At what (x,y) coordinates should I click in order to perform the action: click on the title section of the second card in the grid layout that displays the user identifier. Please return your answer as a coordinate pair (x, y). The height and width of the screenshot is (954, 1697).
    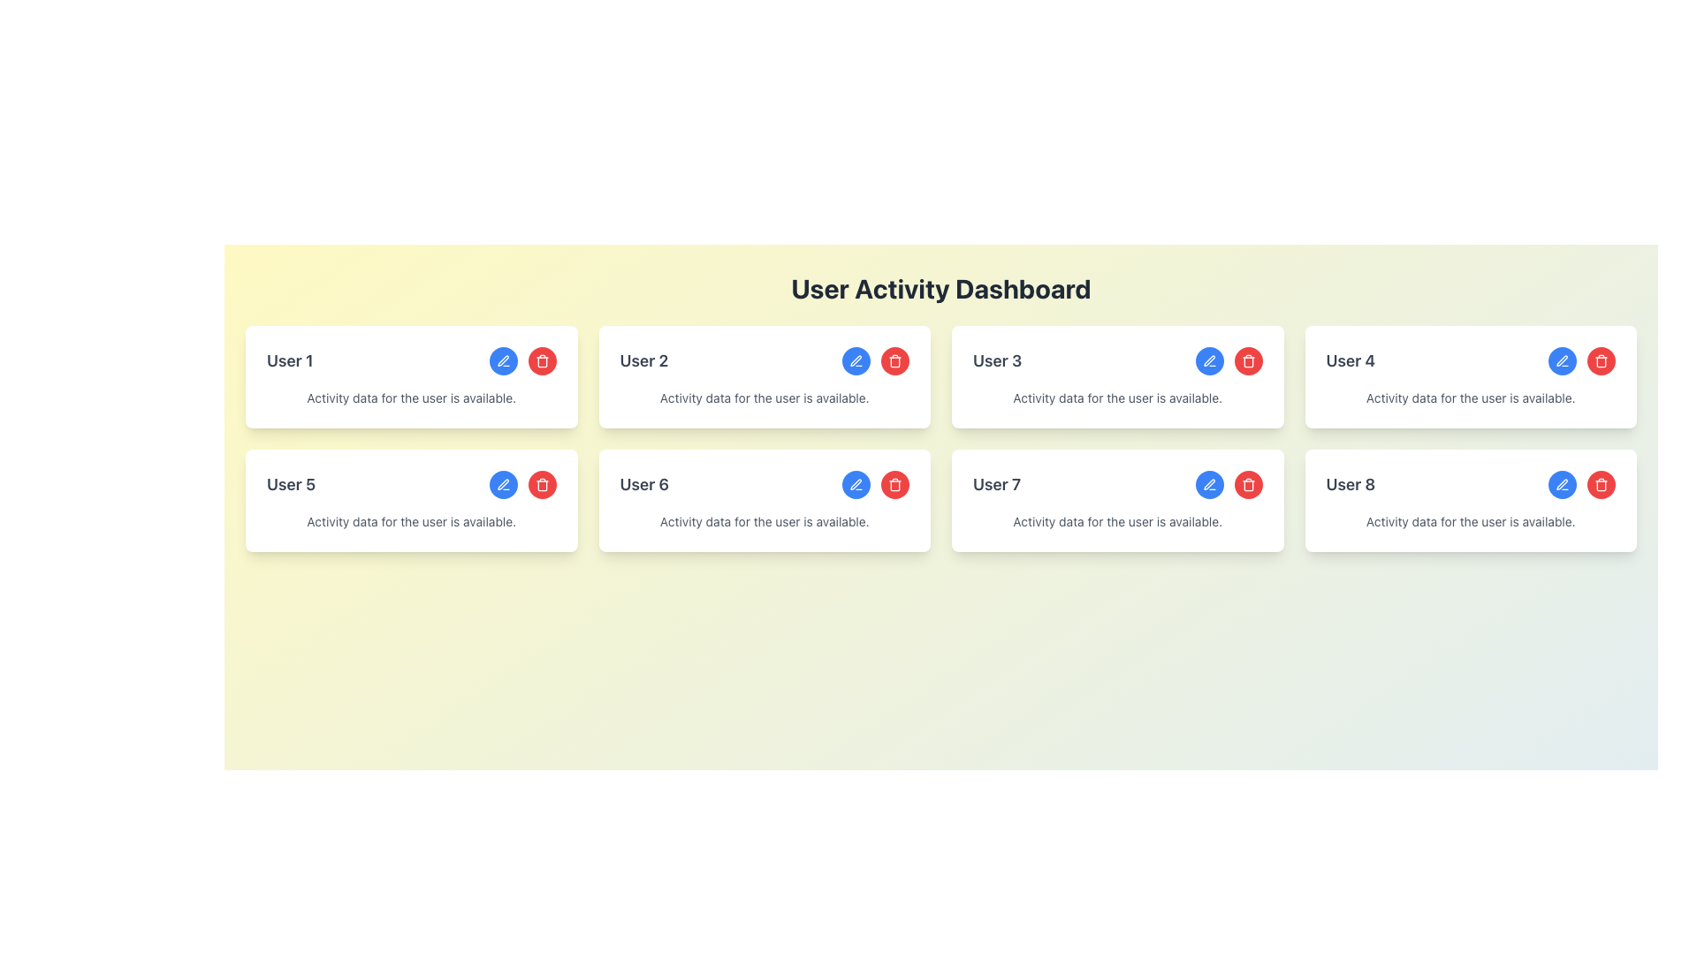
    Looking at the image, I should click on (765, 360).